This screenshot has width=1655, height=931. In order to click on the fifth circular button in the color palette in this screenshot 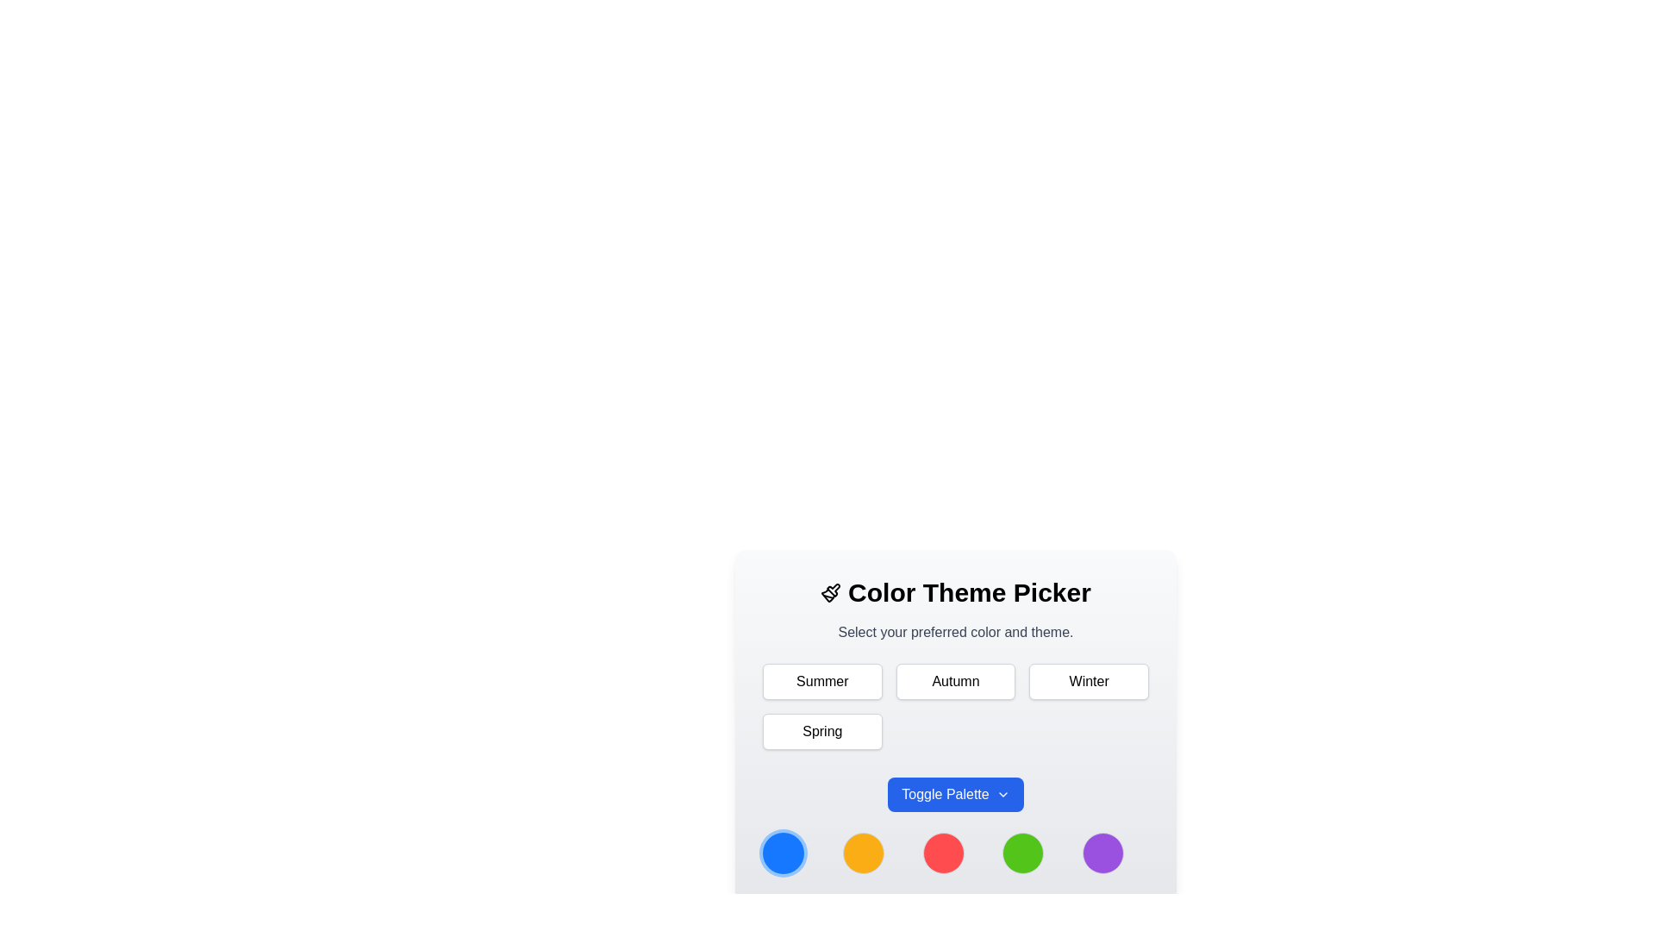, I will do `click(1103, 853)`.